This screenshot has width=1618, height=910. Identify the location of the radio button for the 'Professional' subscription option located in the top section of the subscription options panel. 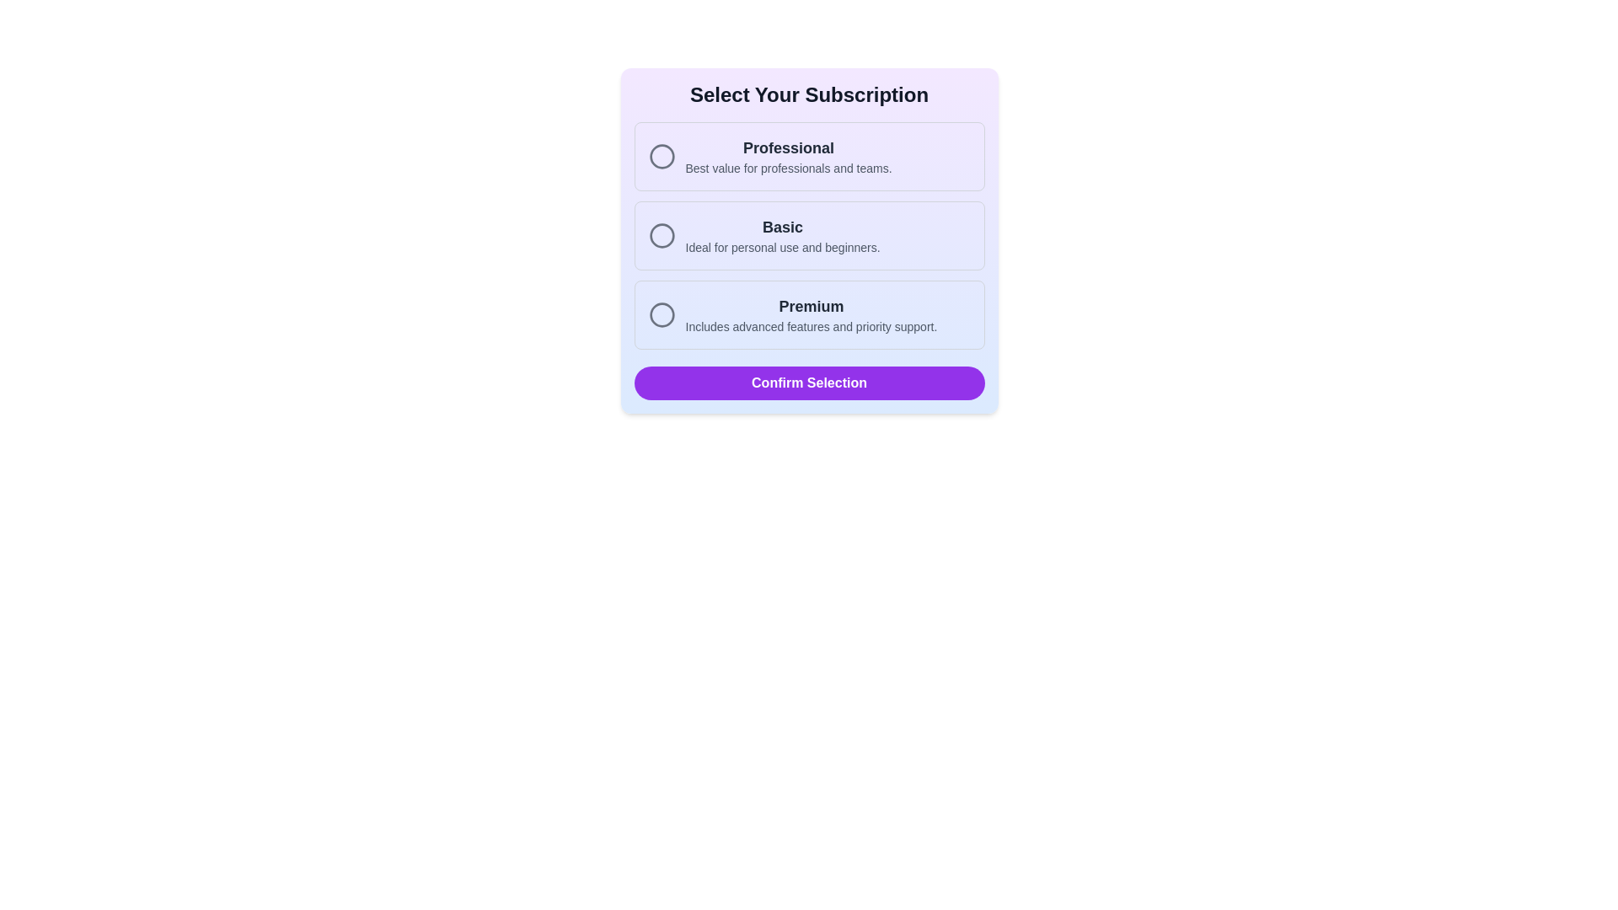
(661, 156).